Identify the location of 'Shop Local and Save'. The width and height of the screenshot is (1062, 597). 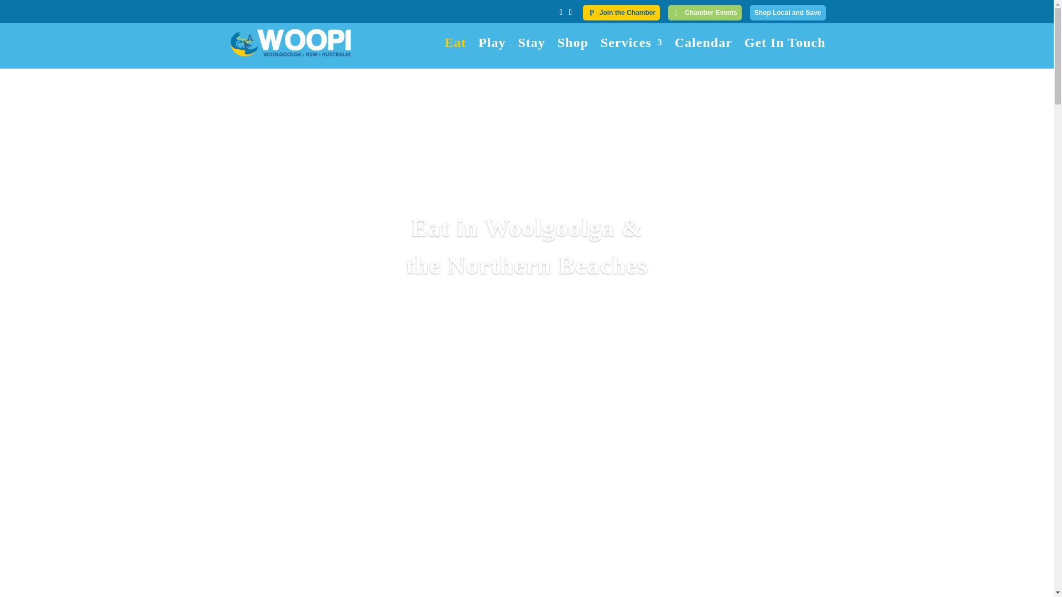
(787, 13).